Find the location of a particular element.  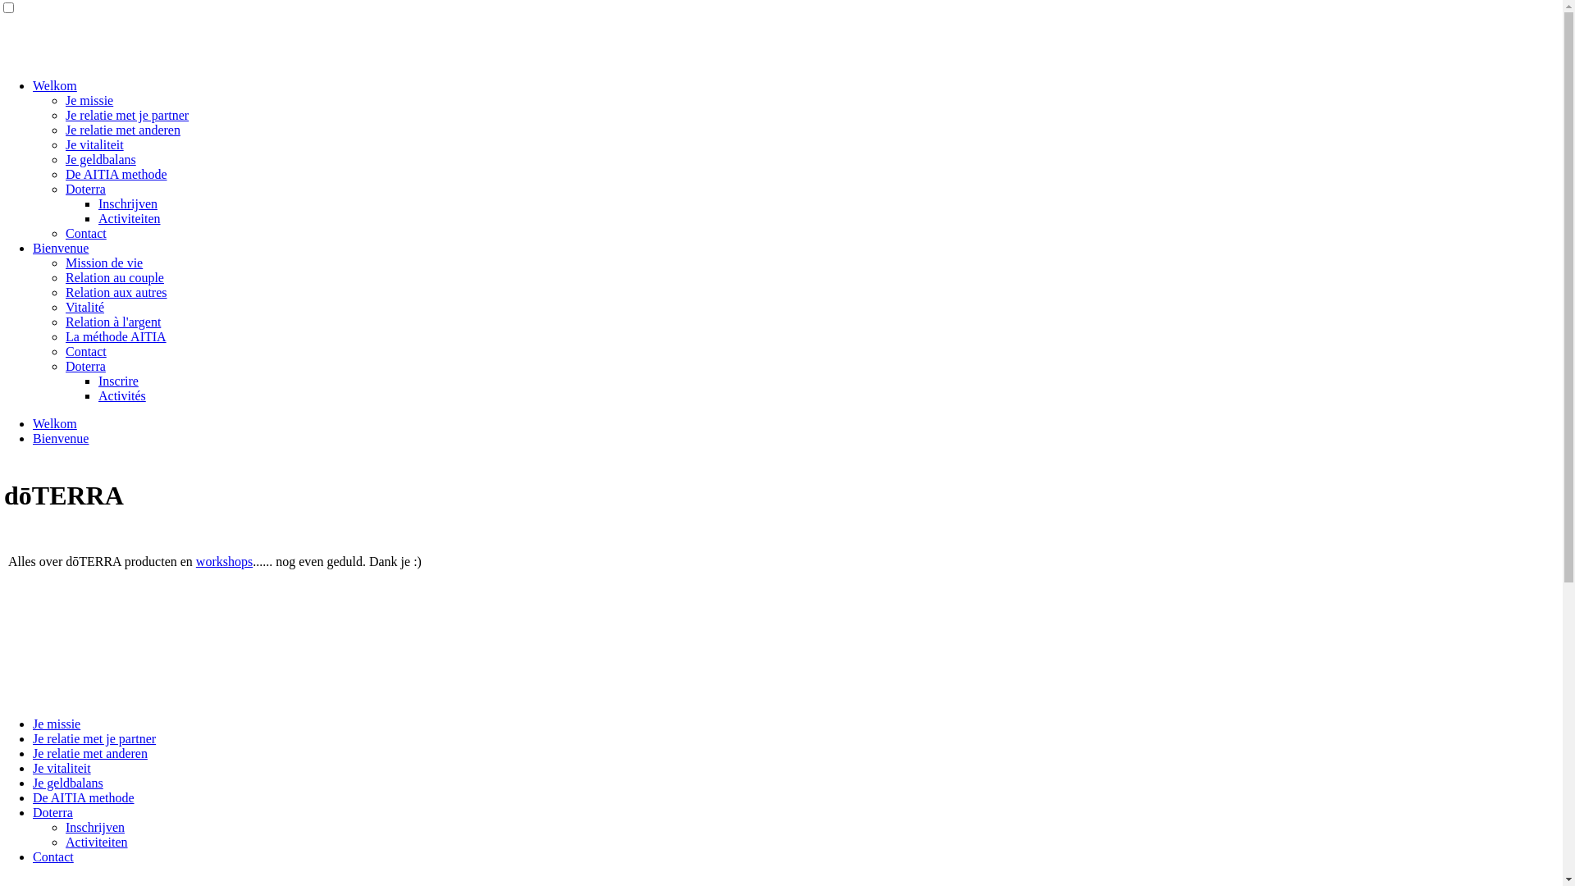

'Relation aux autres' is located at coordinates (116, 291).